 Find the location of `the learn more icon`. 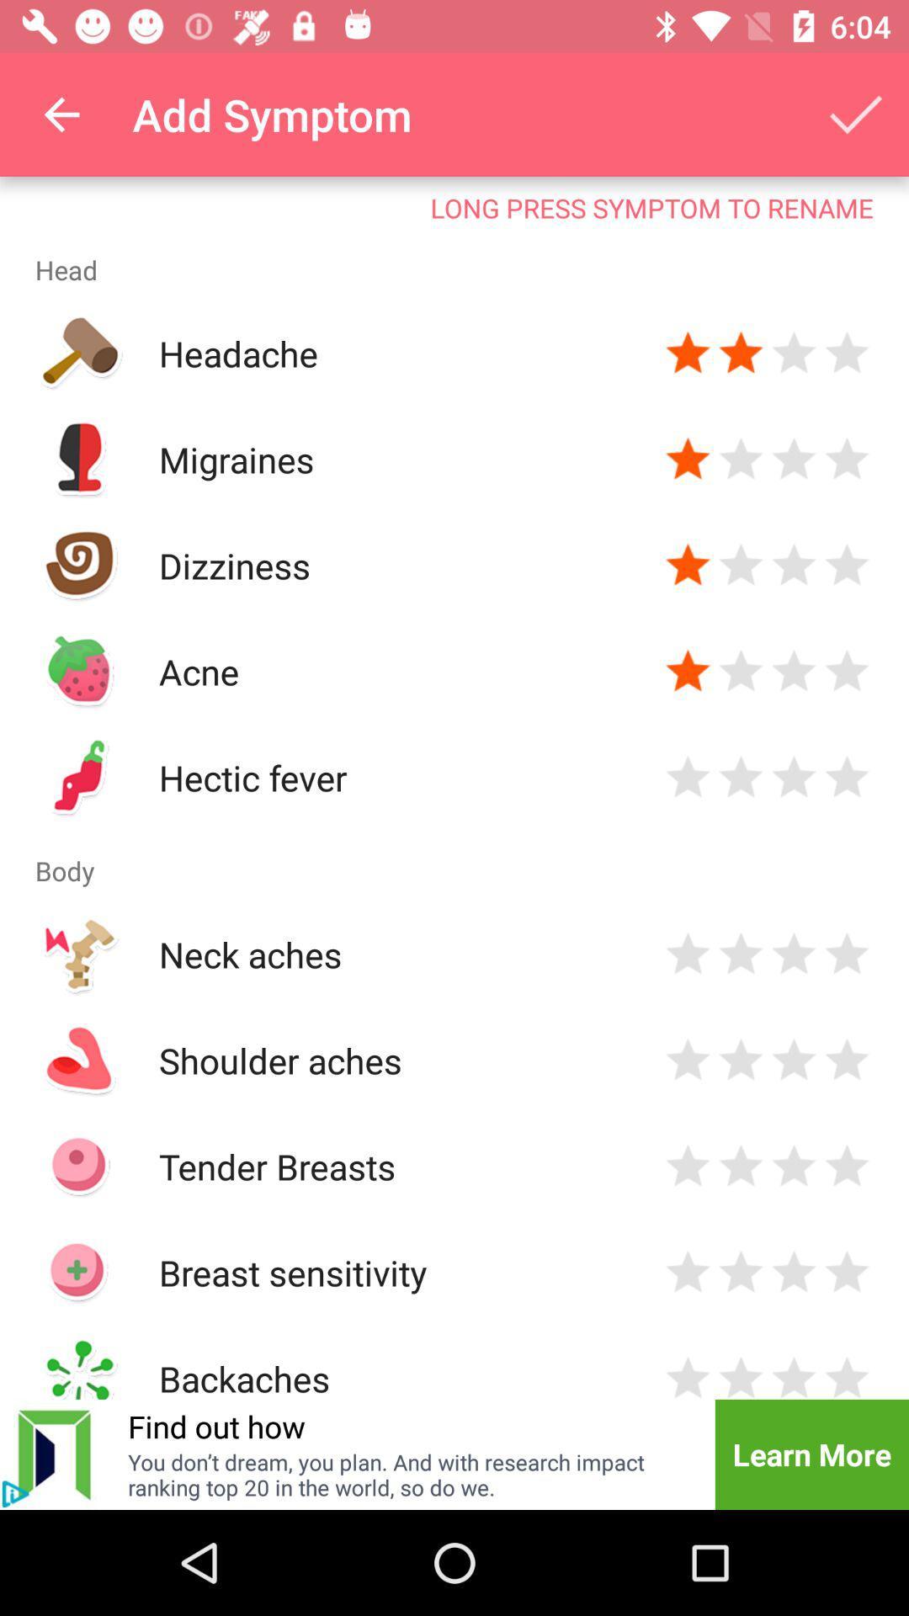

the learn more icon is located at coordinates (811, 1454).